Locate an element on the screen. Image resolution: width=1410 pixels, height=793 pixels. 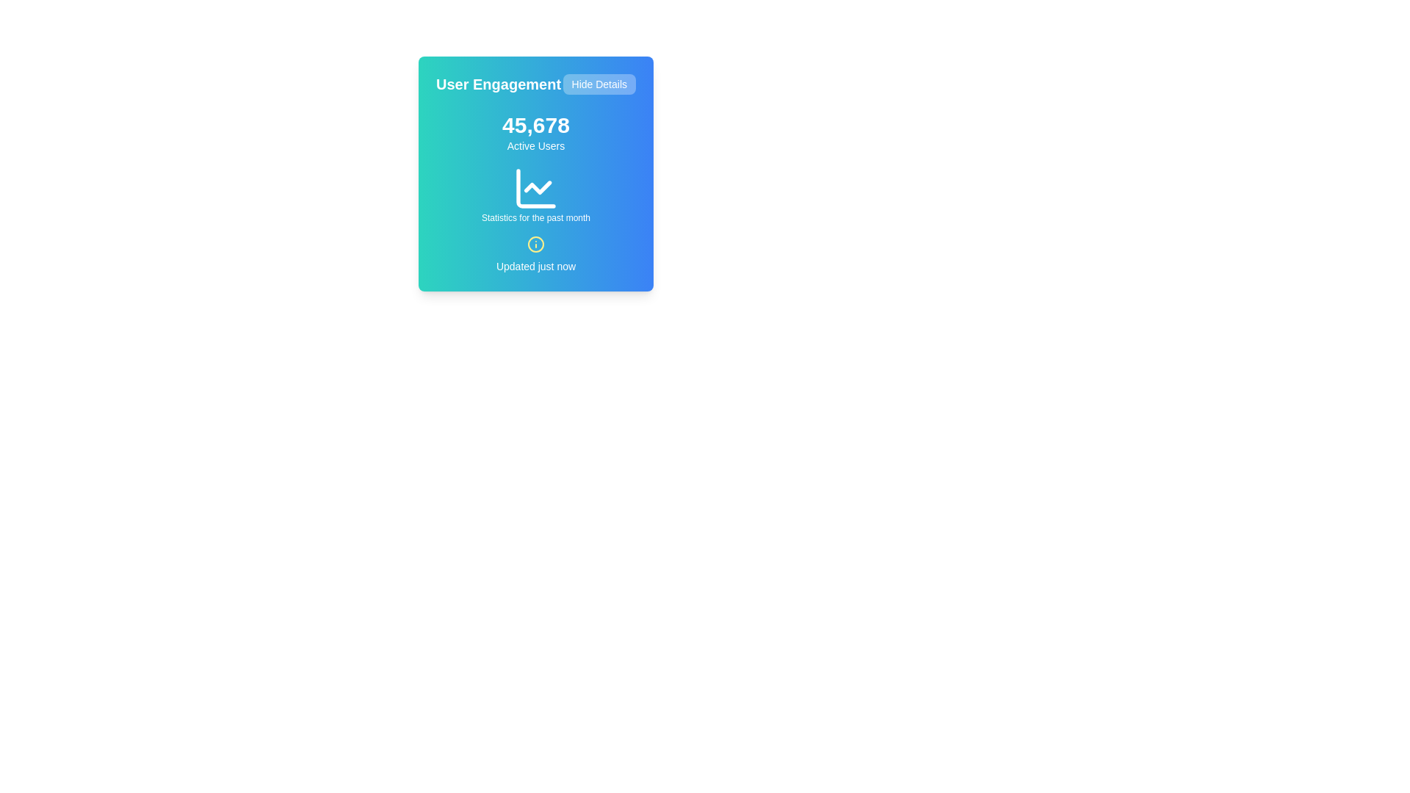
the 'User Engagement' text label, which is styled in bold and larger size, located at the top-left of the header section, to the left of the 'Hide Details' button is located at coordinates (499, 84).